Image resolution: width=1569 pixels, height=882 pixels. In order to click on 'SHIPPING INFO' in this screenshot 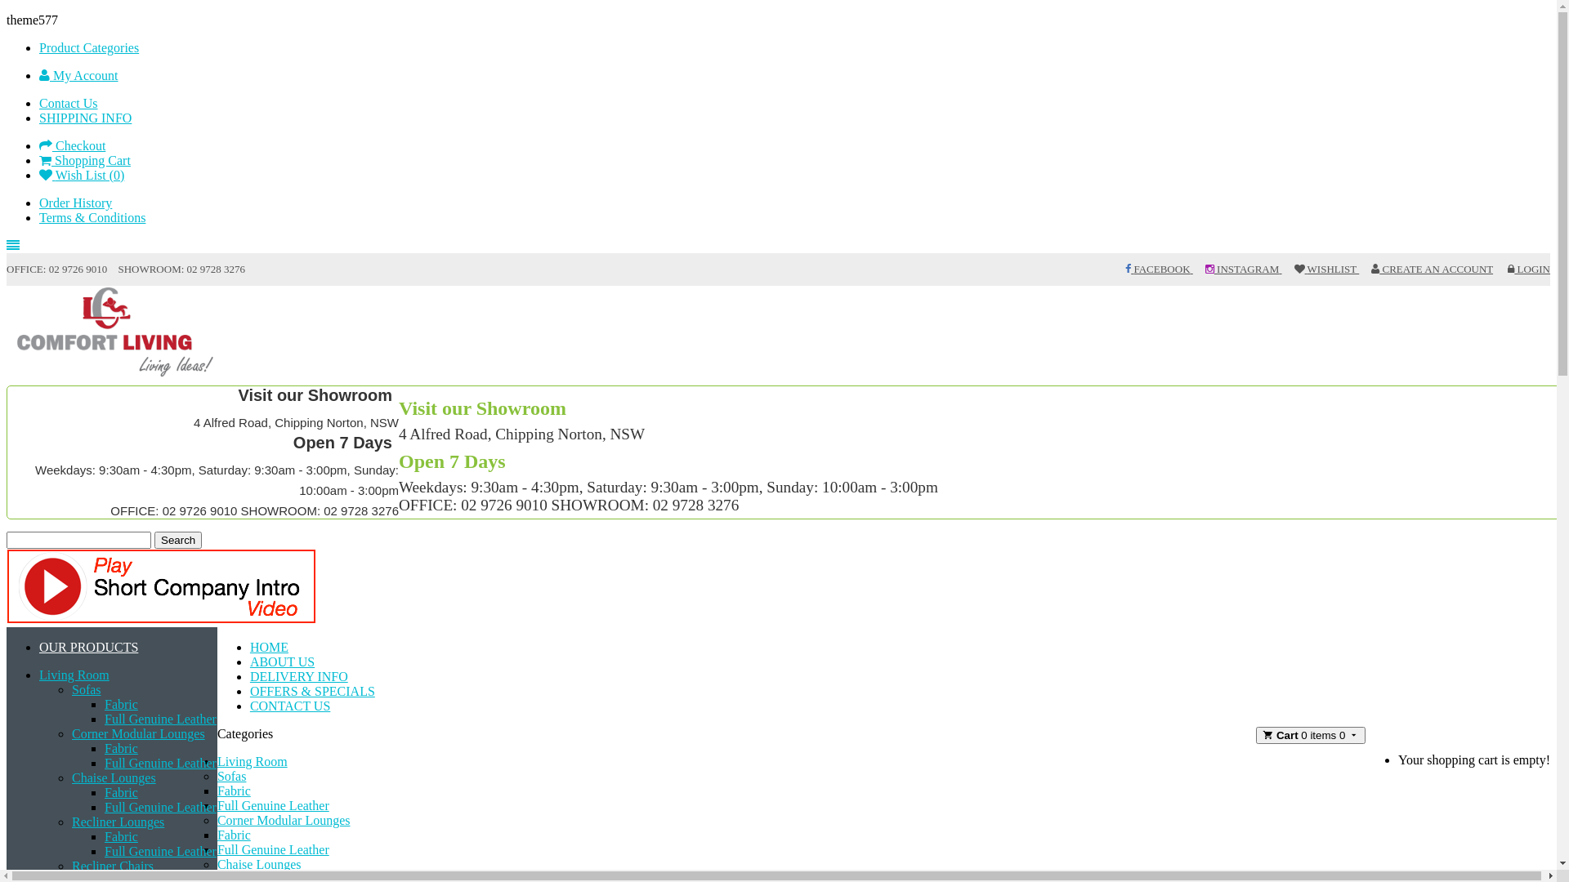, I will do `click(84, 117)`.